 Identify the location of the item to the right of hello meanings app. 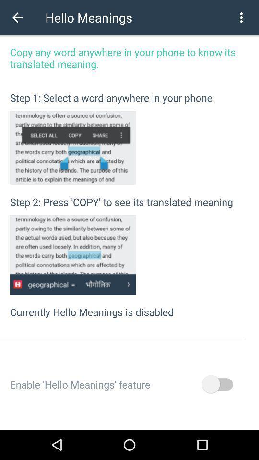
(241, 17).